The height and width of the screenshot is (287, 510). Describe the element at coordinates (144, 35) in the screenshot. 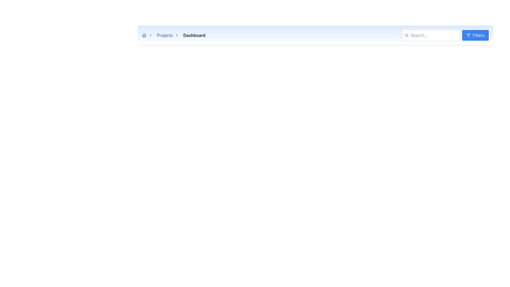

I see `the blue house-shaped icon in the navigation breadcrumb area` at that location.